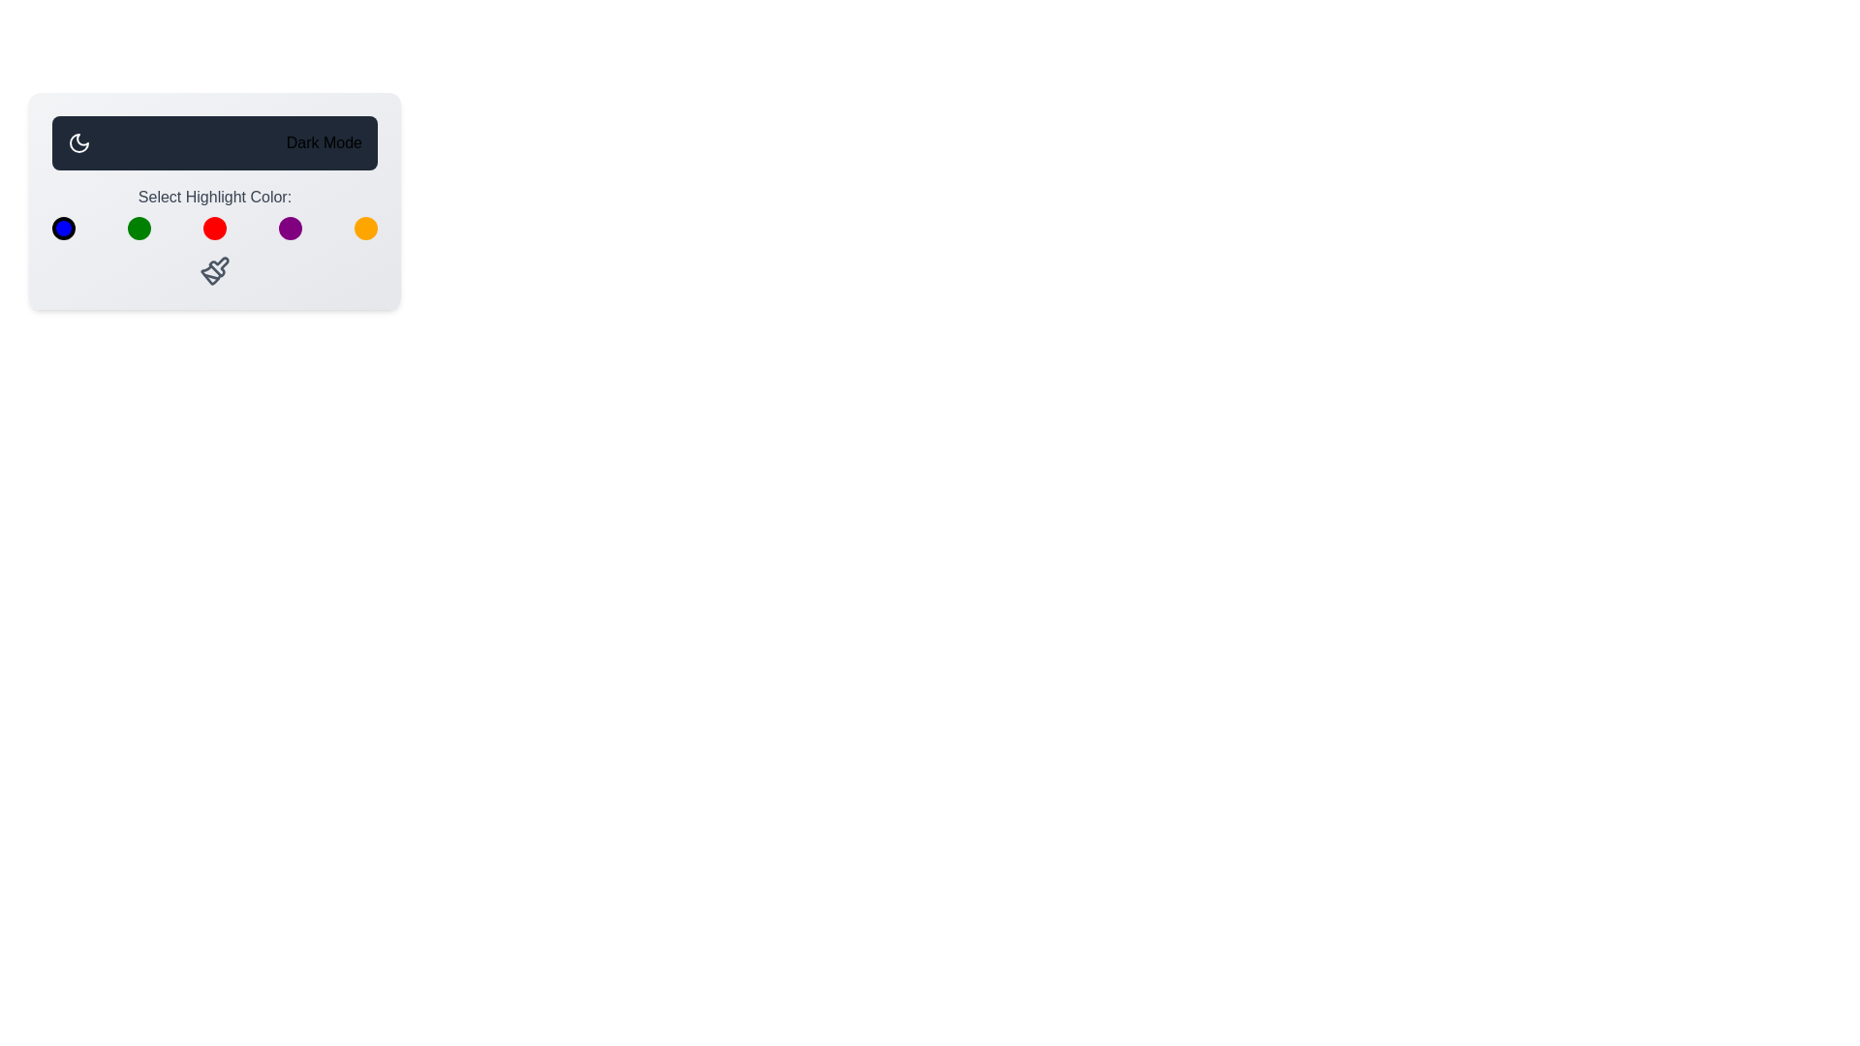  Describe the element at coordinates (324, 141) in the screenshot. I see `the text label that reads 'Dark Mode', styled in bold black color against a dark gray background, positioned to the right of a crescent moon icon` at that location.